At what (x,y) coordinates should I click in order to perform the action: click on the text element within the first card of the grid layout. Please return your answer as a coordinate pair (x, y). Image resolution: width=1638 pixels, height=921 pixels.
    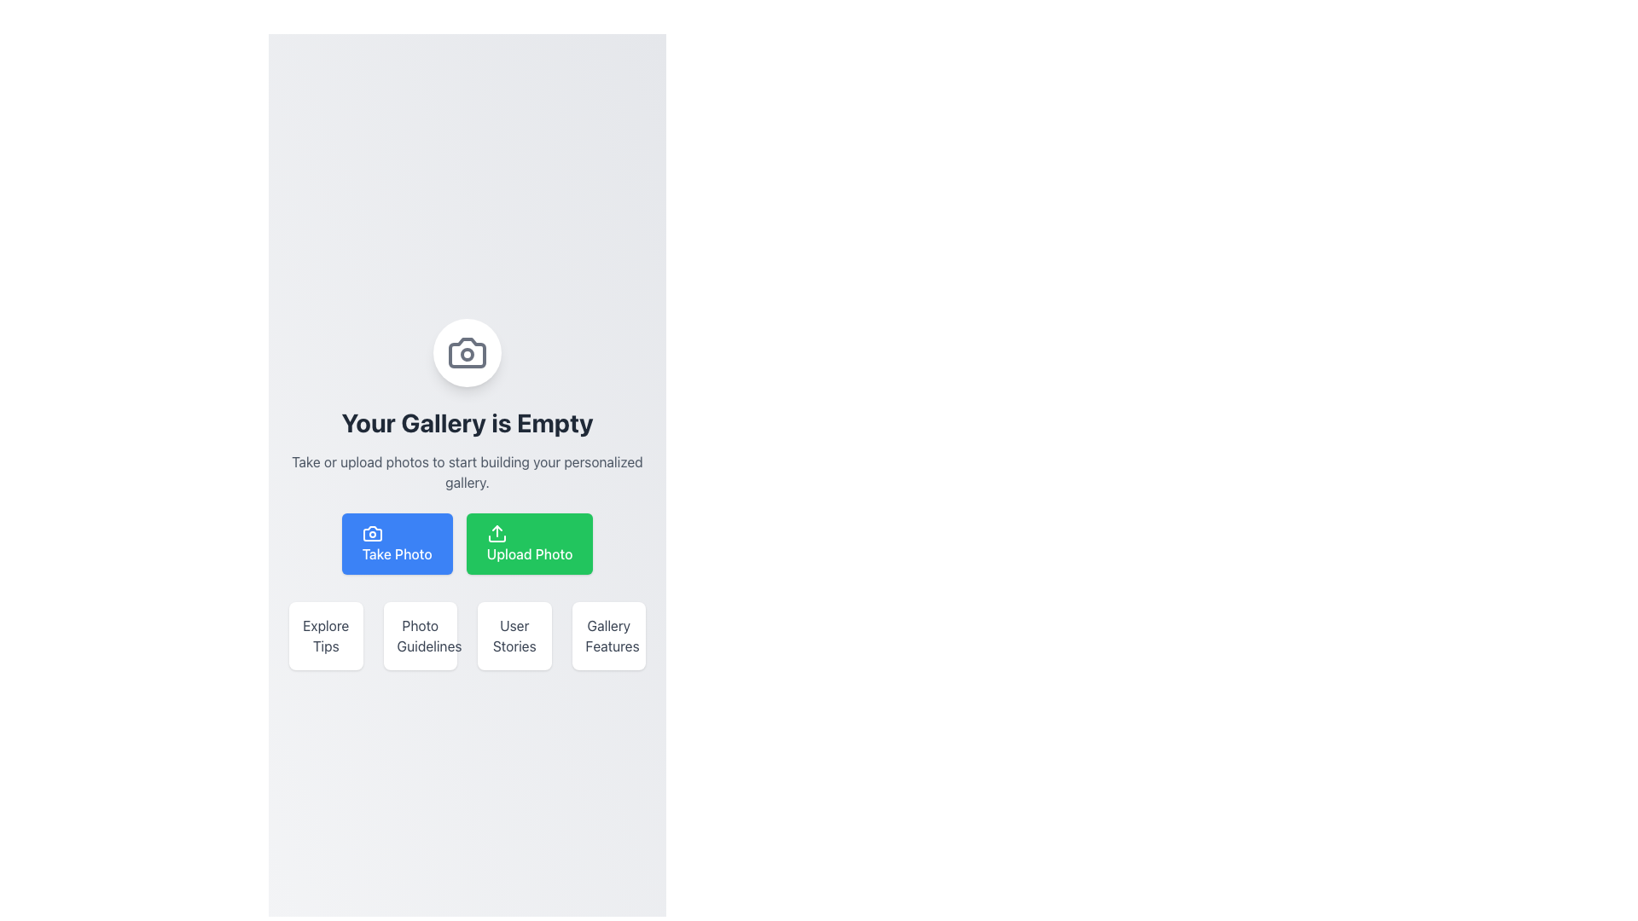
    Looking at the image, I should click on (326, 635).